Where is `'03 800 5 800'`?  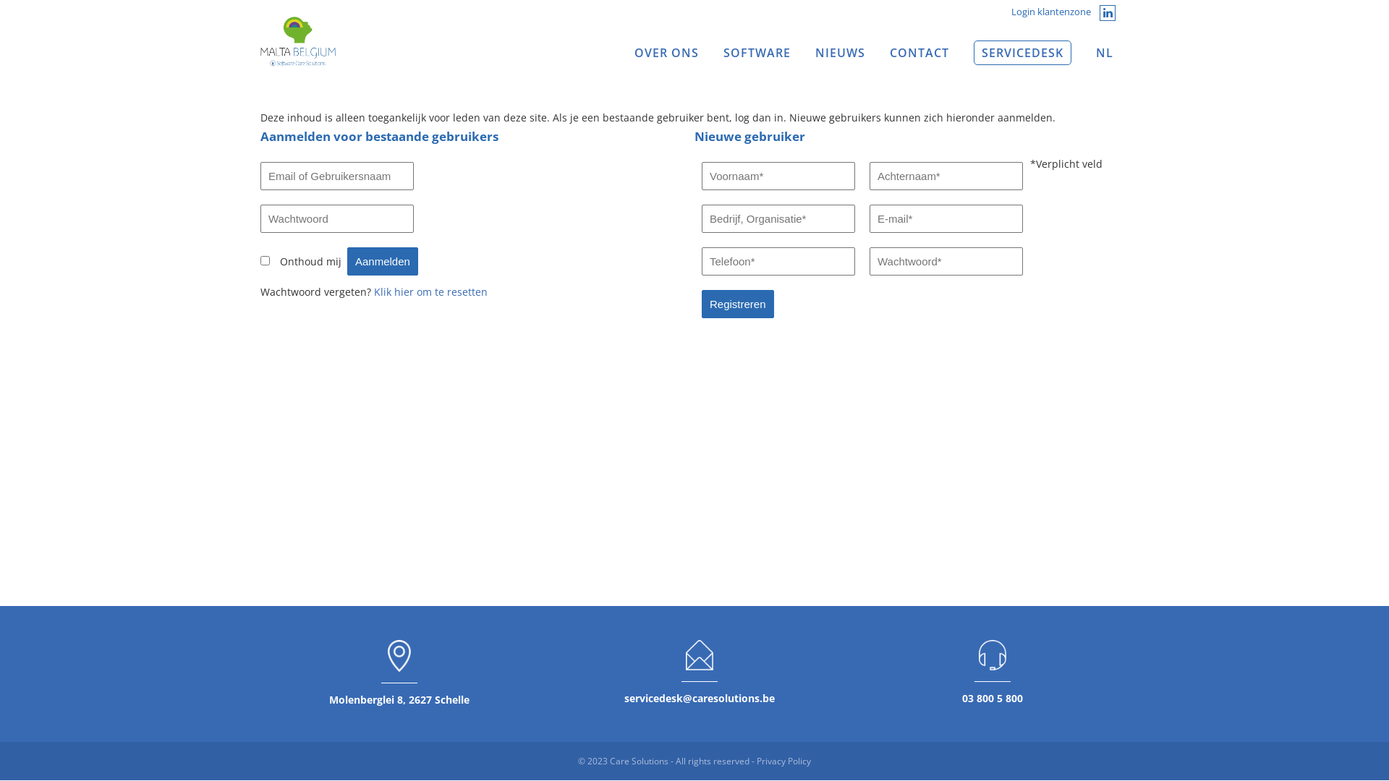 '03 800 5 800' is located at coordinates (992, 697).